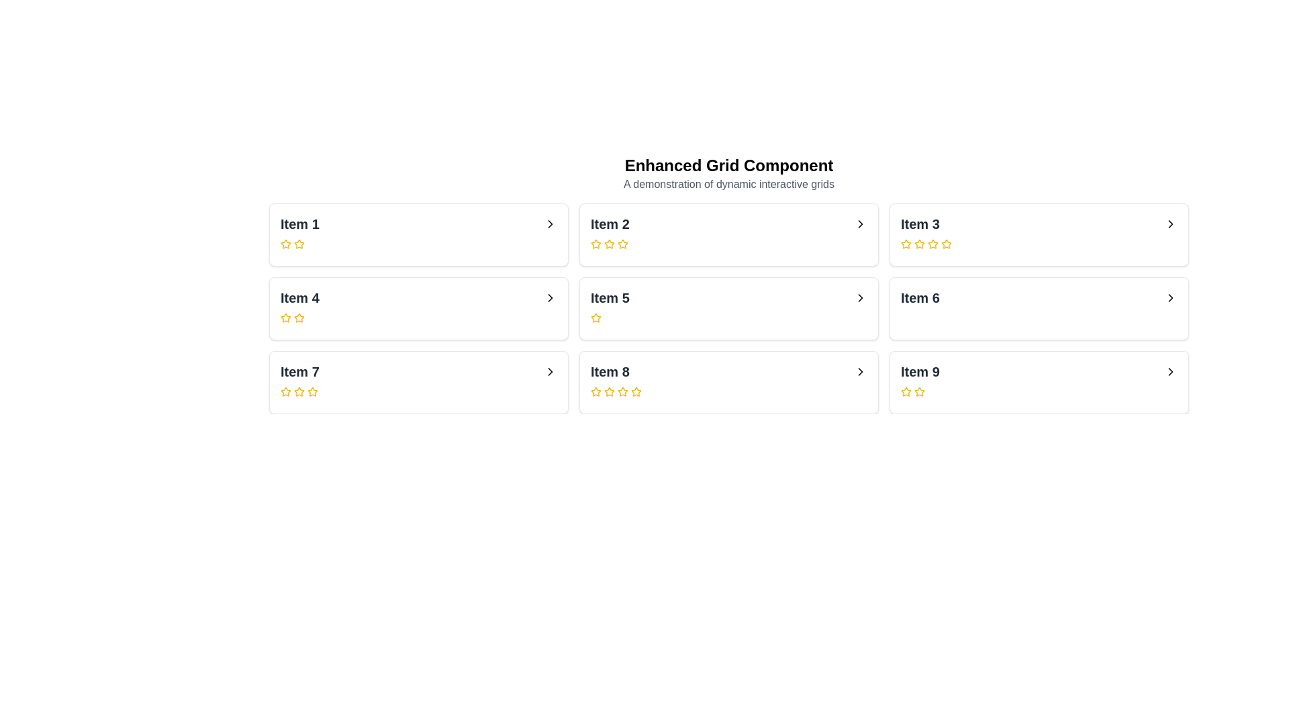 The height and width of the screenshot is (725, 1289). Describe the element at coordinates (418, 391) in the screenshot. I see `the interactive rating stars located at the bottom of the 'Item 7' card` at that location.